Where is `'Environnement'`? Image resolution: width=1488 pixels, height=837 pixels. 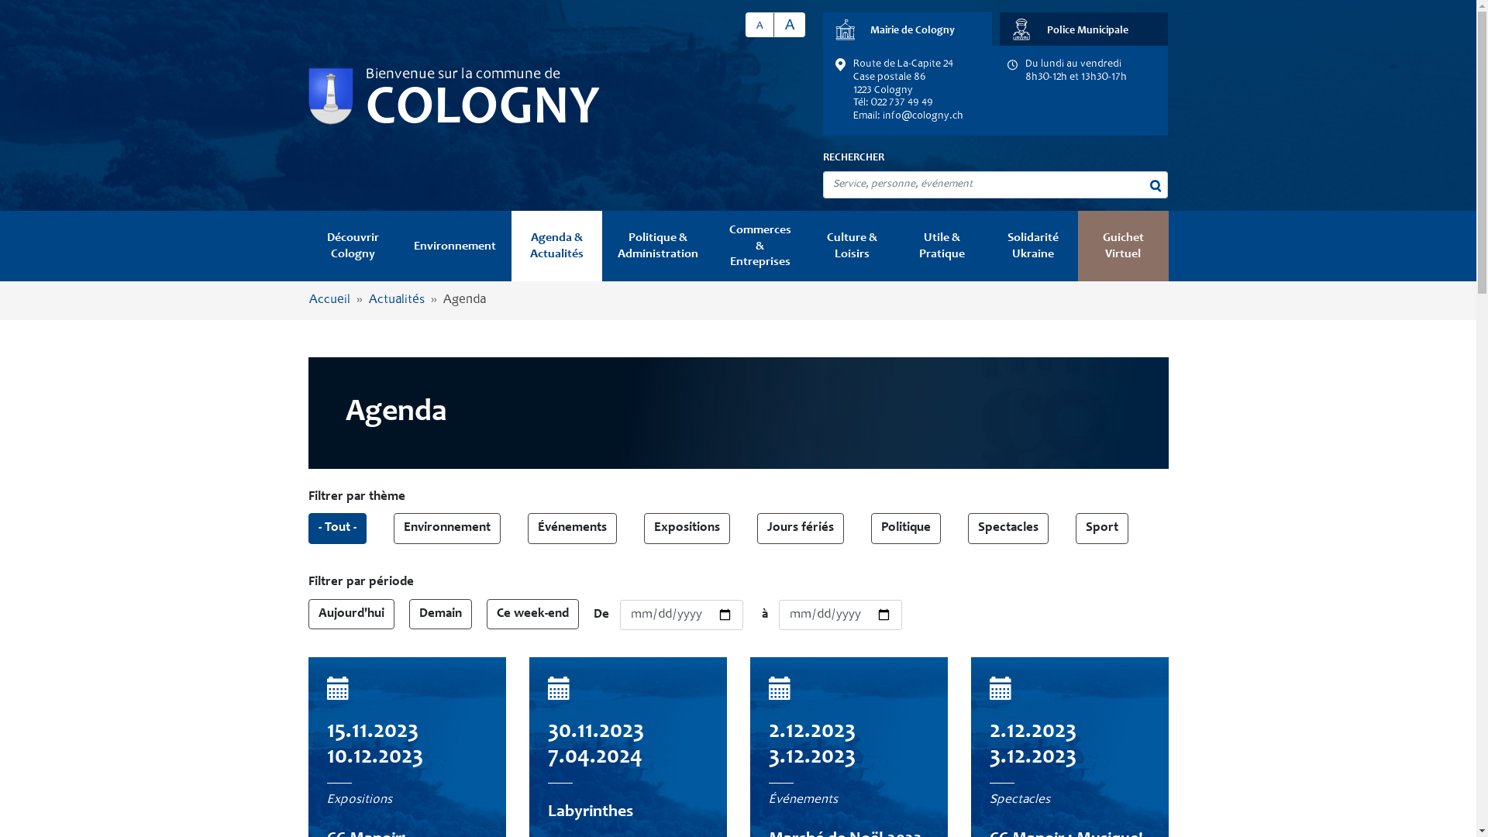 'Environnement' is located at coordinates (398, 245).